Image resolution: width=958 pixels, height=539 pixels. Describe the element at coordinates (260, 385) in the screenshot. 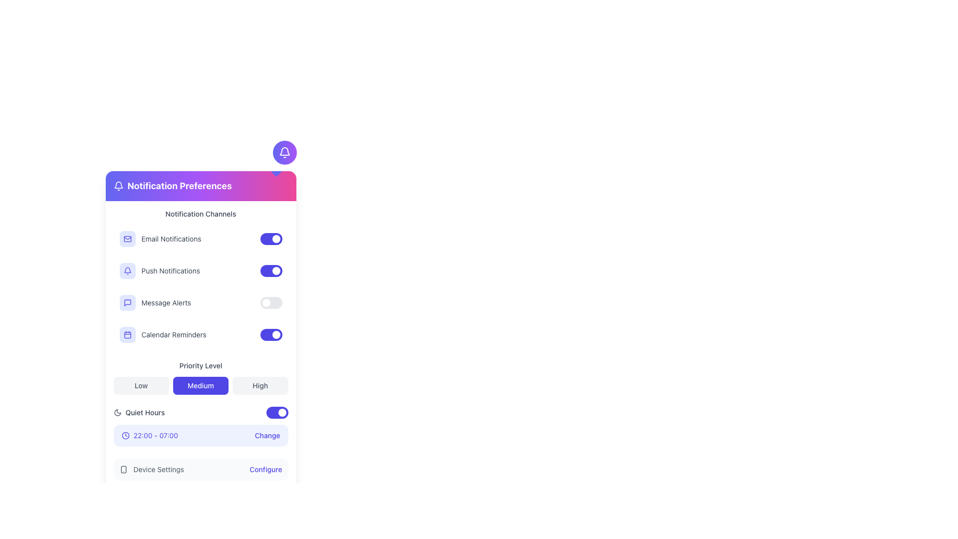

I see `the 'High' priority button, which is a rectangular button with rounded corners, light gray background, and gray text, located in the 'Priority Level' section` at that location.